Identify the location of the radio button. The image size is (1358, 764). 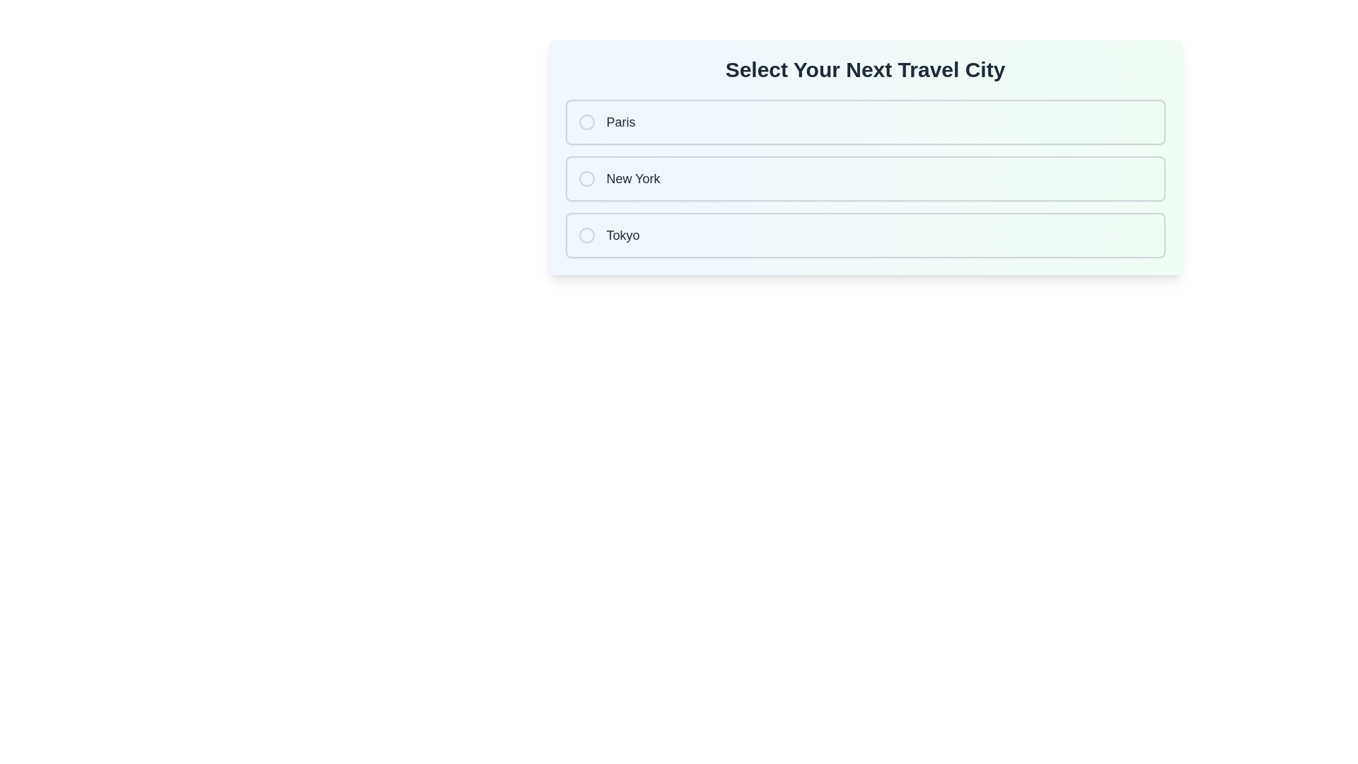
(586, 178).